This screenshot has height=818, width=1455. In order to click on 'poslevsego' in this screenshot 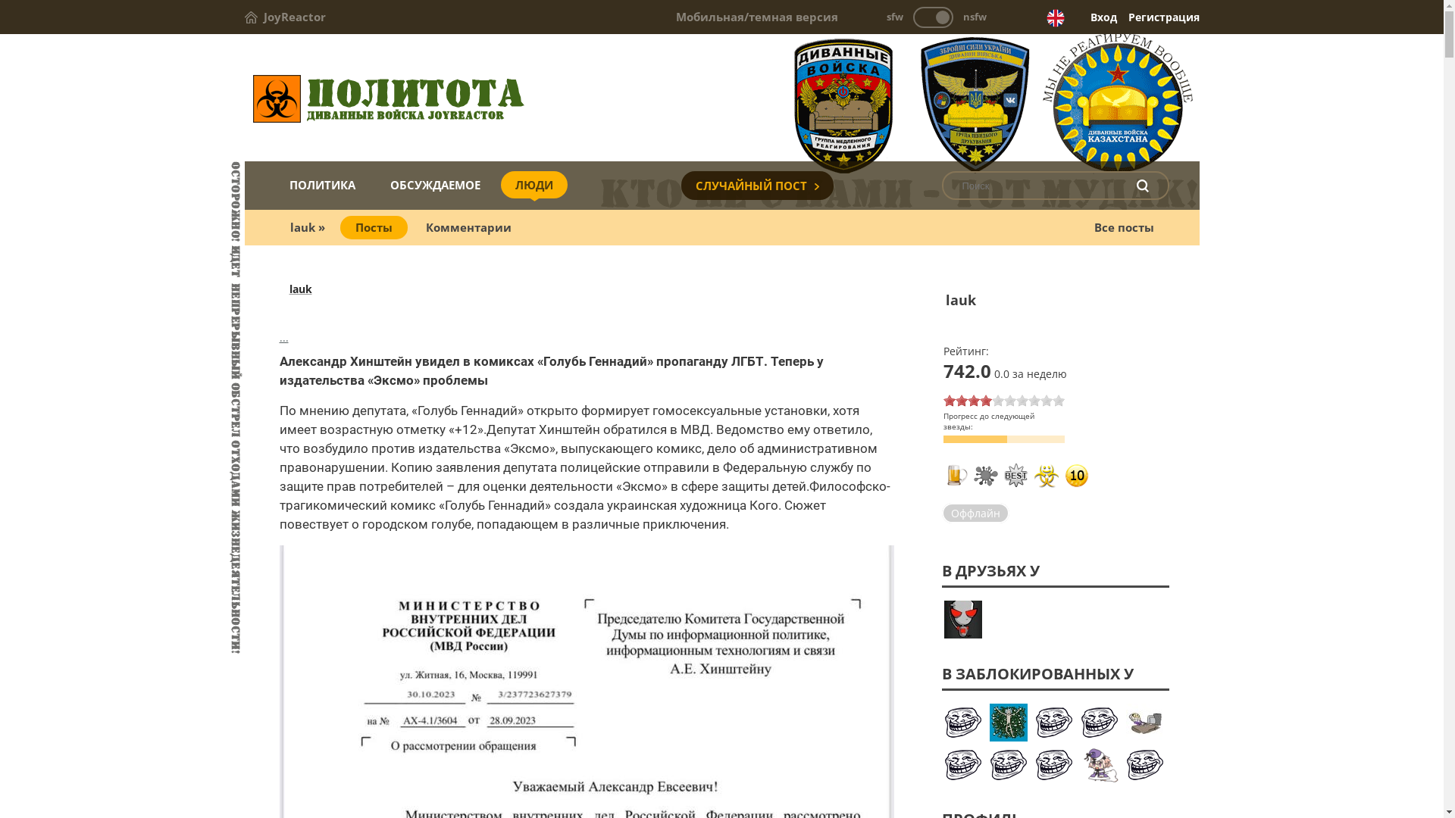, I will do `click(989, 721)`.